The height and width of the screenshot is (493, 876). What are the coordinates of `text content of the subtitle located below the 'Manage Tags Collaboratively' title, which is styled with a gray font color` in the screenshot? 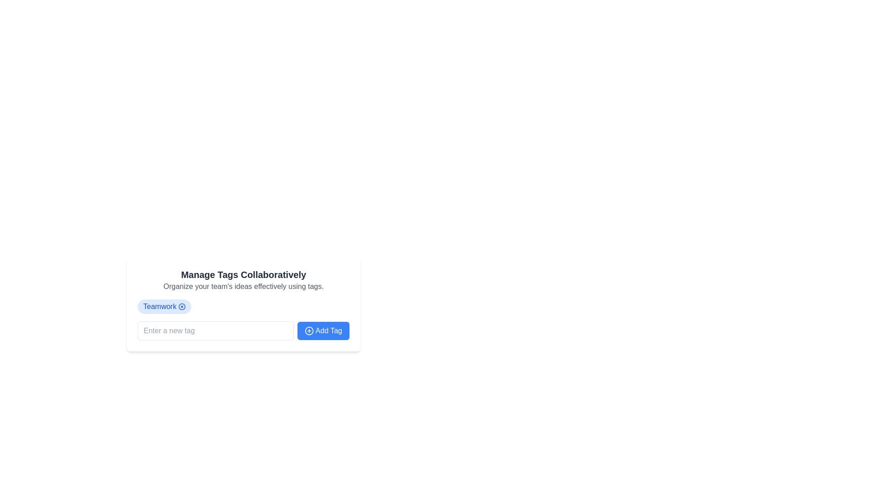 It's located at (243, 286).